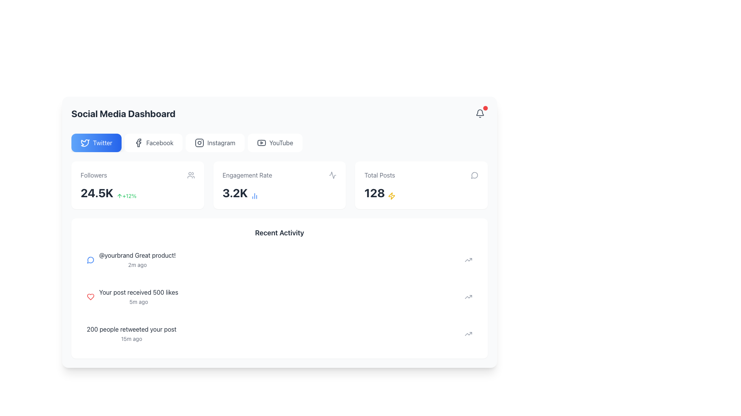  Describe the element at coordinates (379, 175) in the screenshot. I see `the Text label positioned on the right-hand side of the summary cards in the upper section of the dashboard, which serves as a descriptive label for the associated metric value` at that location.